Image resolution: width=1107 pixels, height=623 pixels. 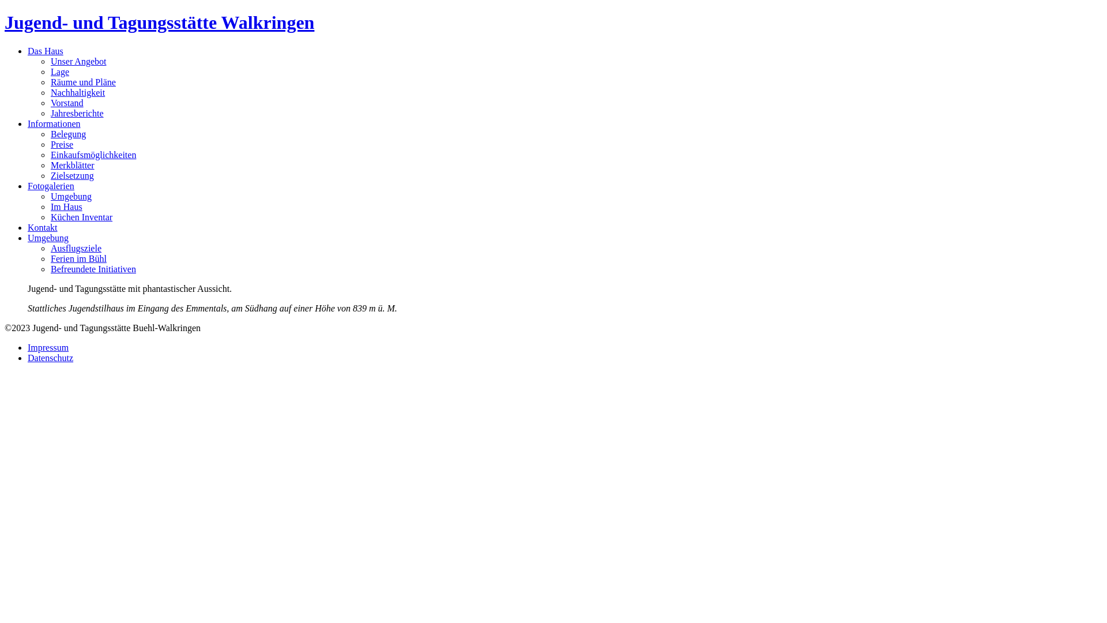 I want to click on 'Preise', so click(x=61, y=144).